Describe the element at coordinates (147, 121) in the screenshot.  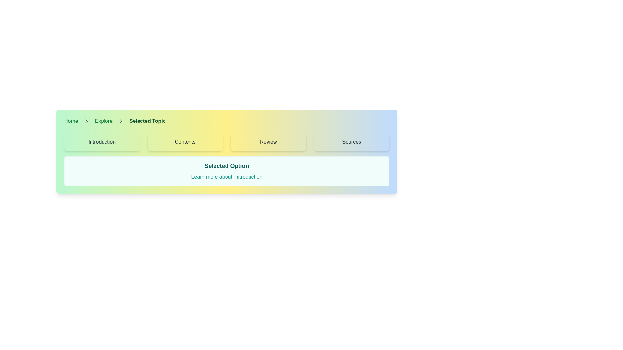
I see `the text label displaying 'Selected Topic', which is the current page in the breadcrumb navigation bar and styled in bold dark green` at that location.